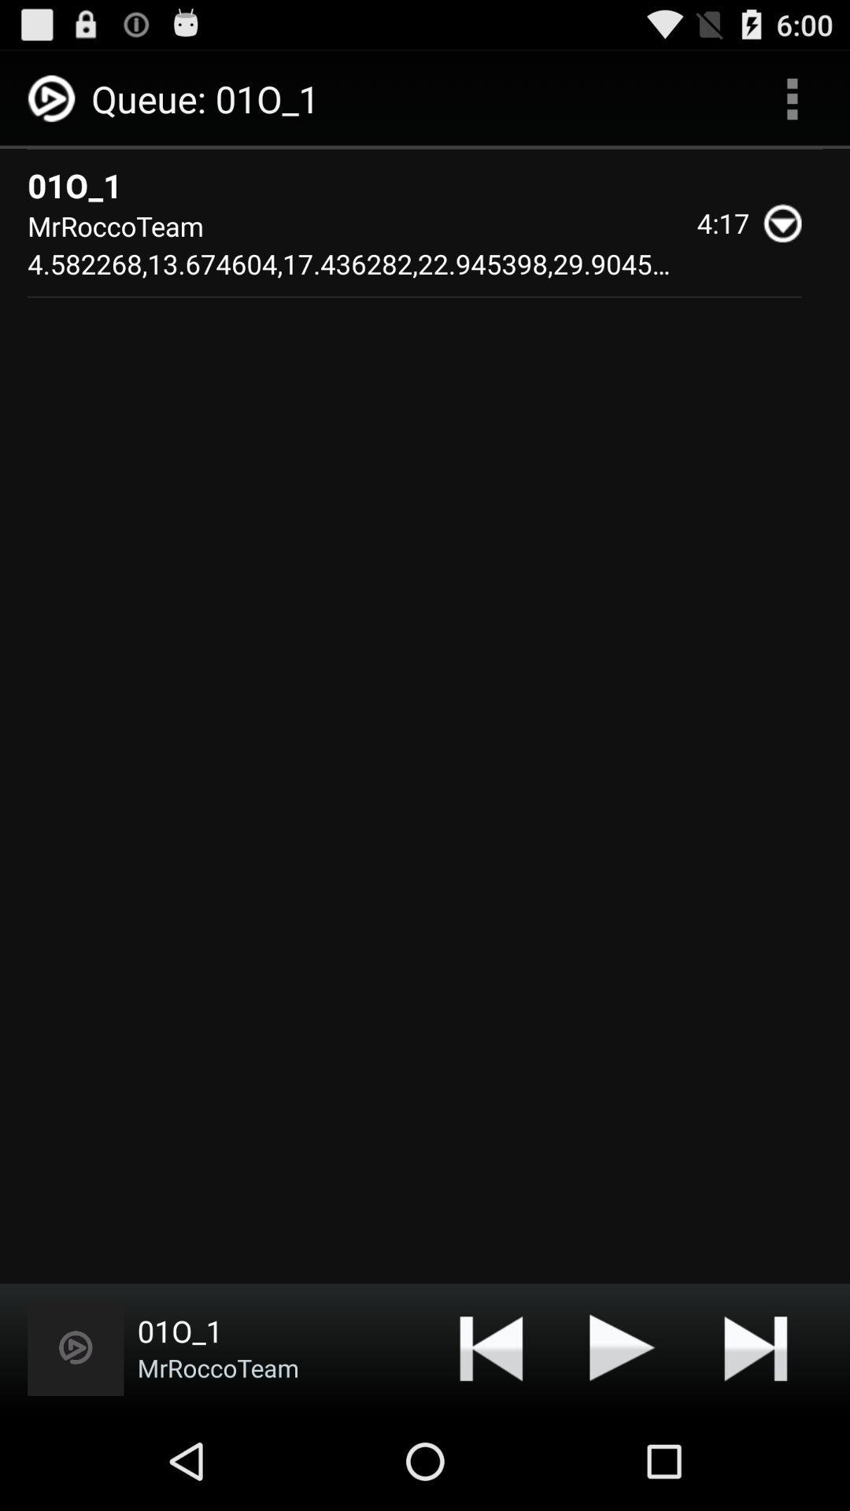  What do you see at coordinates (76, 1347) in the screenshot?
I see `app below mrroccoteam 4 582268 icon` at bounding box center [76, 1347].